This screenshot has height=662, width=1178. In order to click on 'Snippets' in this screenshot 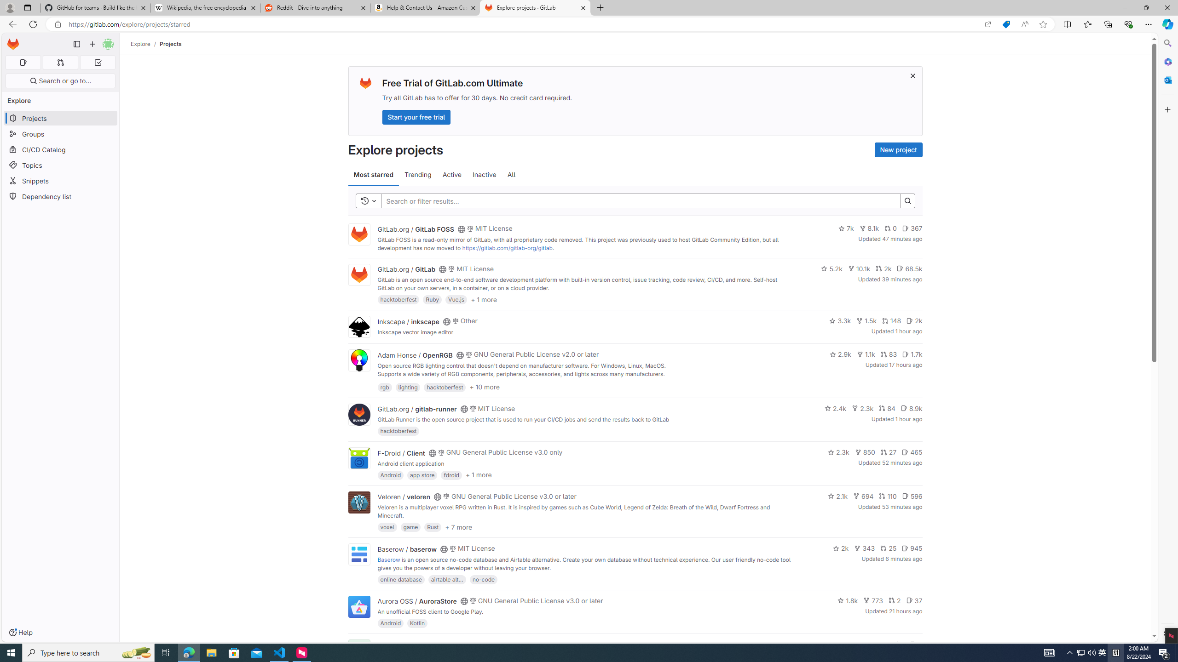, I will do `click(60, 180)`.